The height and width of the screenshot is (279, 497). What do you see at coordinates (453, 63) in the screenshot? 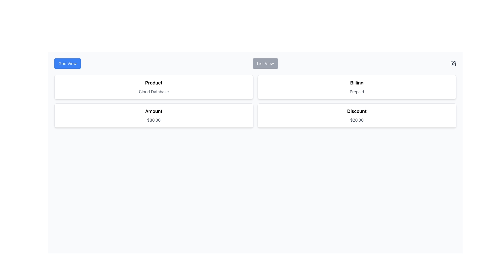
I see `the Interactive Icon located at the extreme right of the header section, adjacent to the 'Grid View' and 'List View' toggle buttons` at bounding box center [453, 63].